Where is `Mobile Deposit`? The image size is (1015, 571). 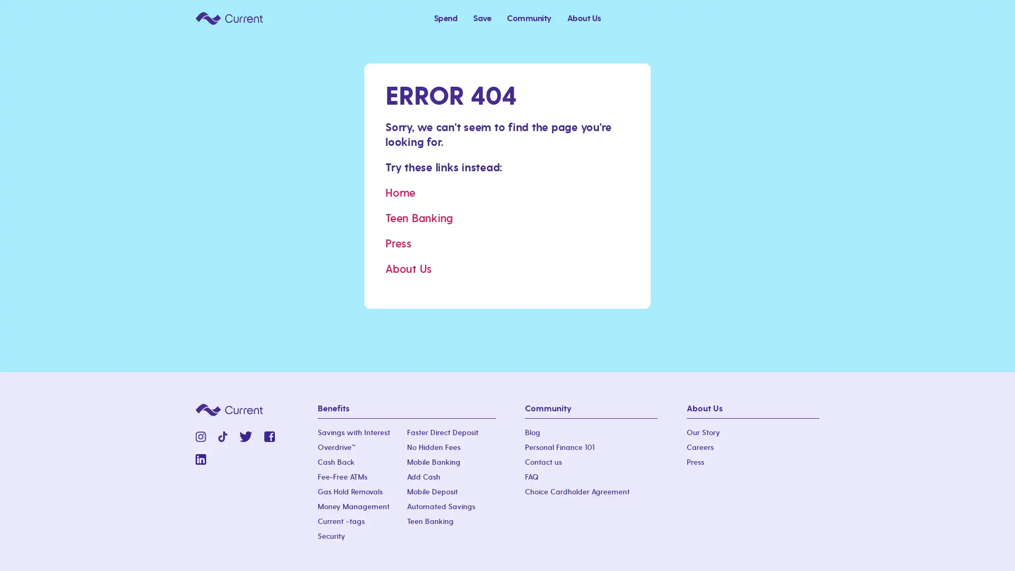
Mobile Deposit is located at coordinates (431, 492).